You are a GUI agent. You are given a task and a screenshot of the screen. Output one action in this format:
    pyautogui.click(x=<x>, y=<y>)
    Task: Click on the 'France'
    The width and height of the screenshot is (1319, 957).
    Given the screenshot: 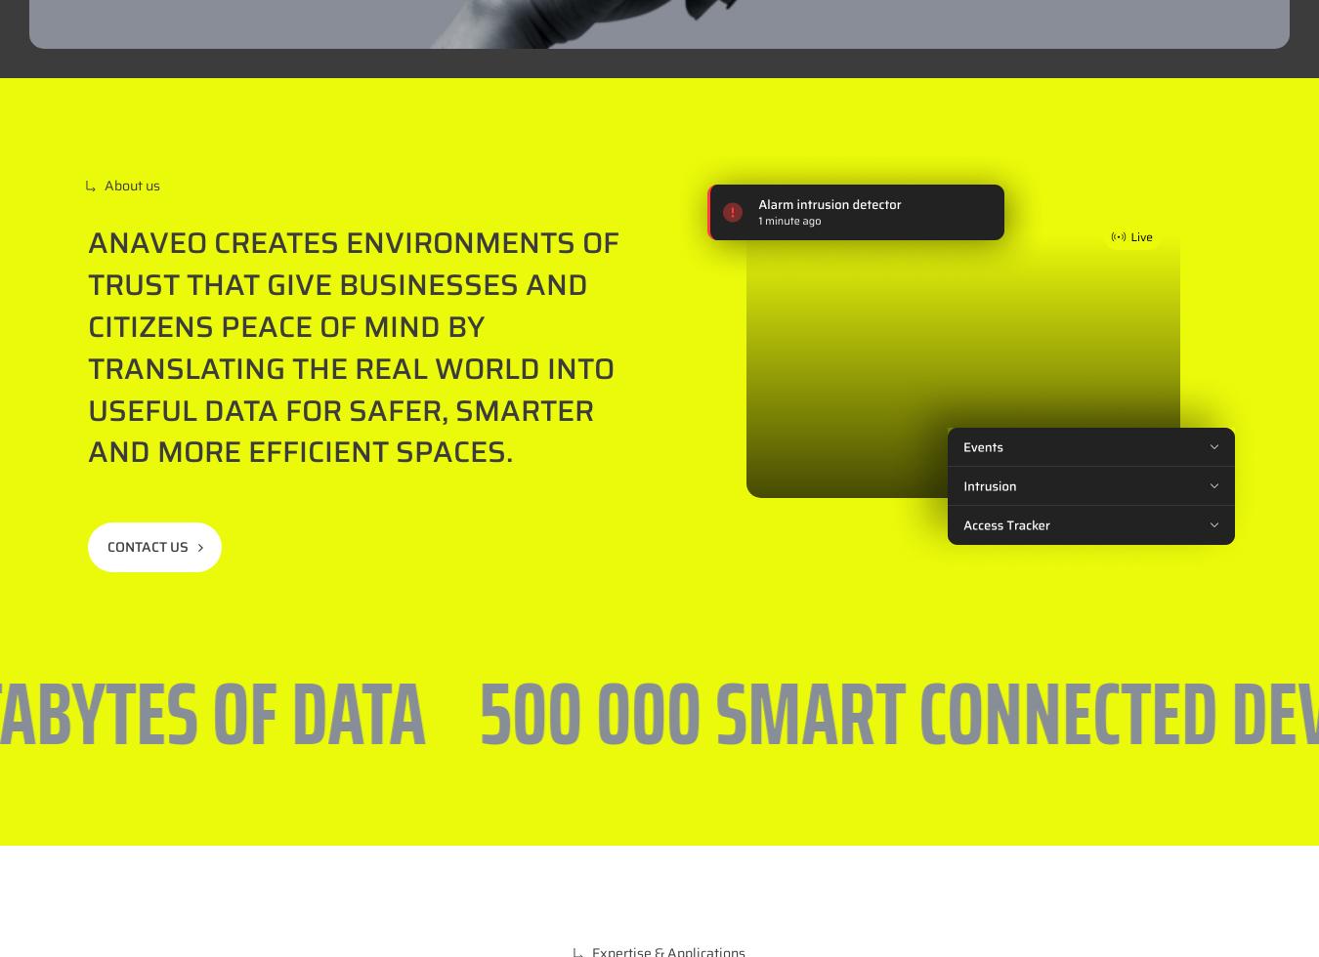 What is the action you would take?
    pyautogui.click(x=745, y=775)
    